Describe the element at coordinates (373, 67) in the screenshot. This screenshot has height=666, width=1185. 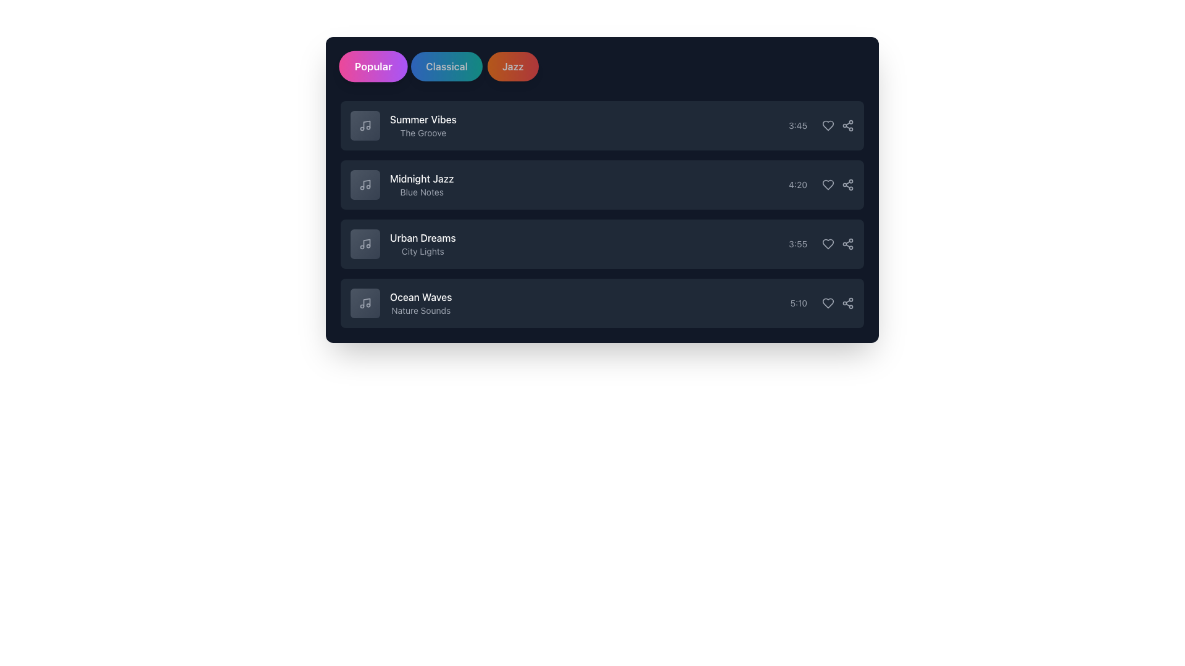
I see `the 'Popular' category filter button located at the top-left region of the interface for accessibility navigation` at that location.